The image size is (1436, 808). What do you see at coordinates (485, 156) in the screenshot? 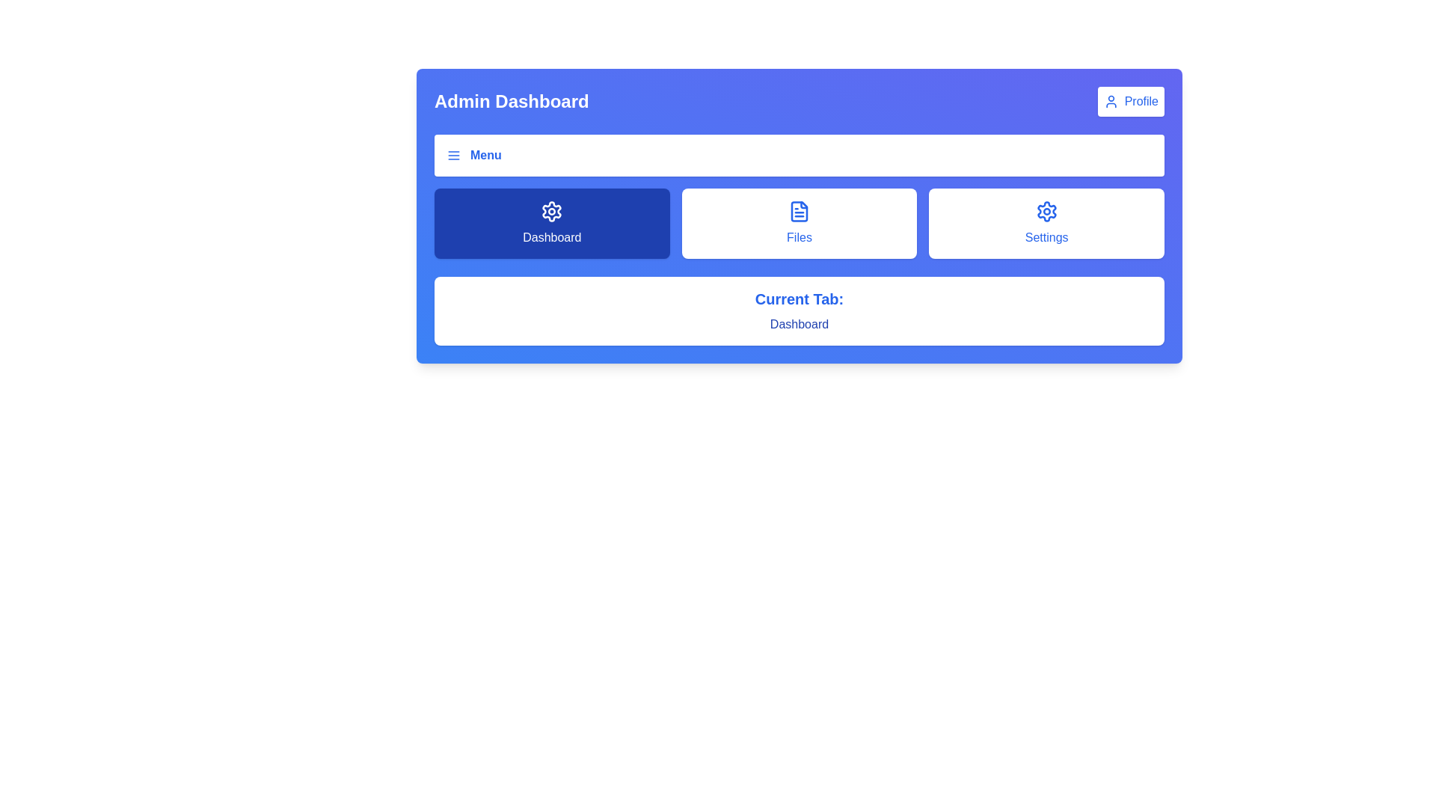
I see `the text label or navigation item located near the center-left of the navigation bar` at bounding box center [485, 156].